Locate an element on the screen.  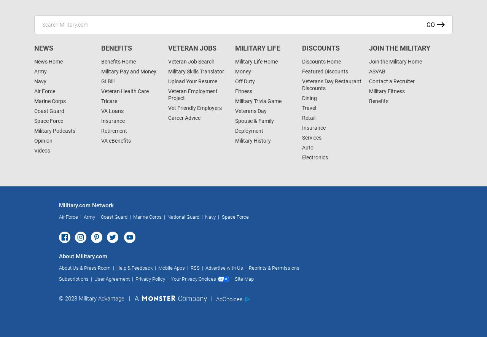
'Privacy Policy' is located at coordinates (135, 278).